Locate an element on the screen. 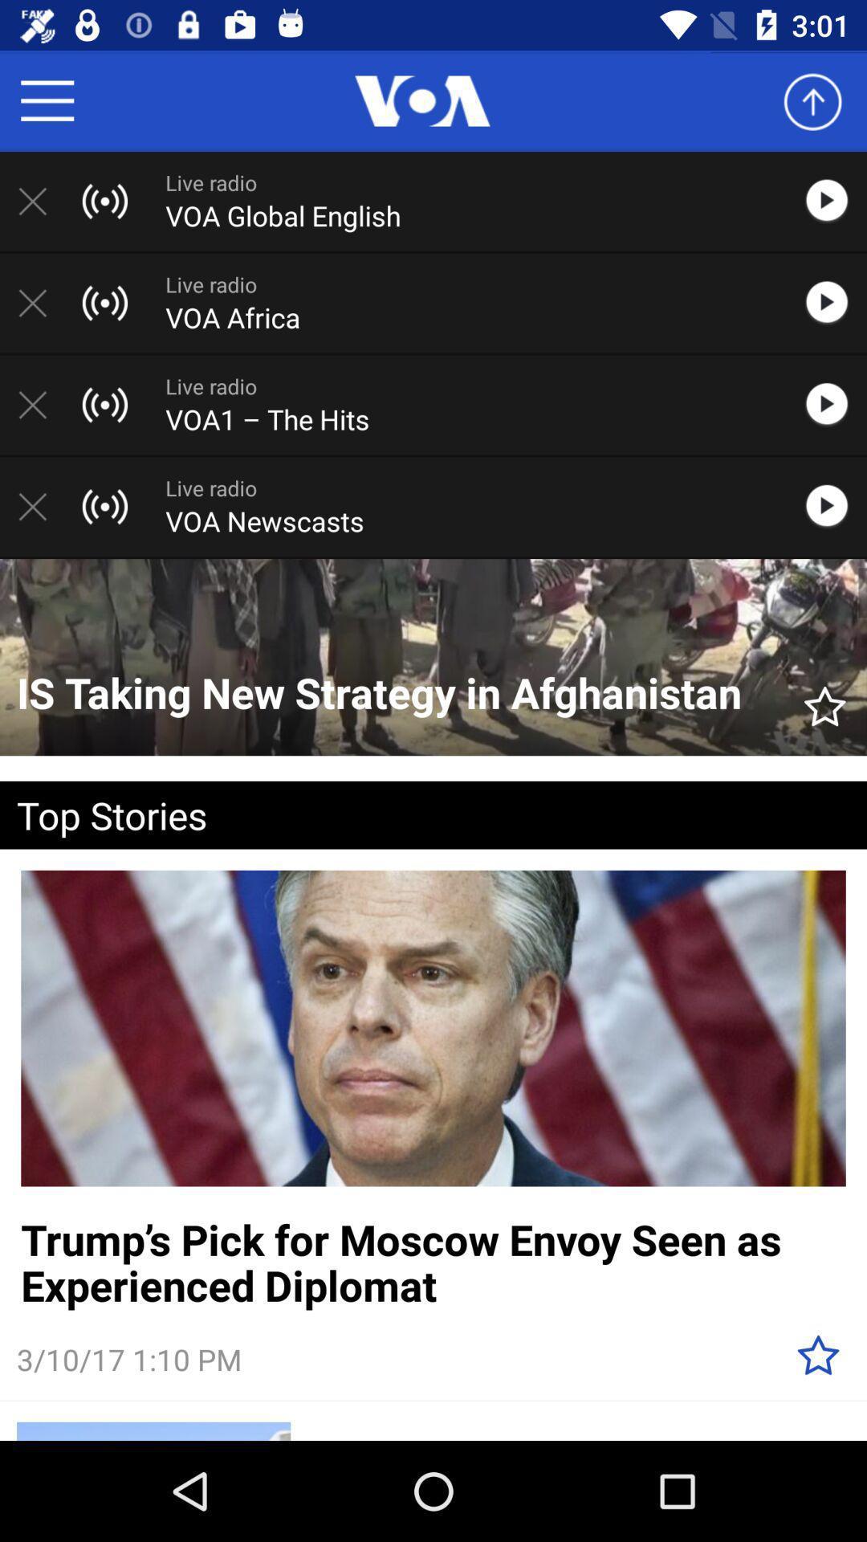 The width and height of the screenshot is (867, 1542). the close icon is located at coordinates (40, 303).